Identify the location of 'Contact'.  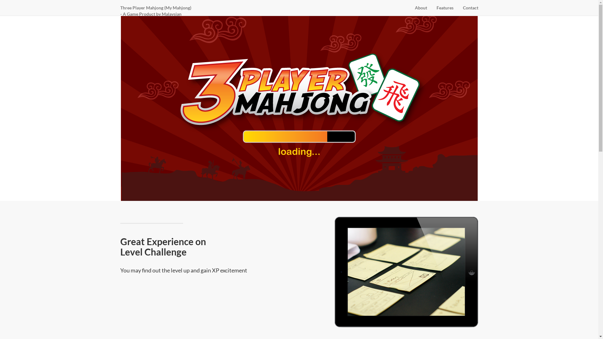
(470, 8).